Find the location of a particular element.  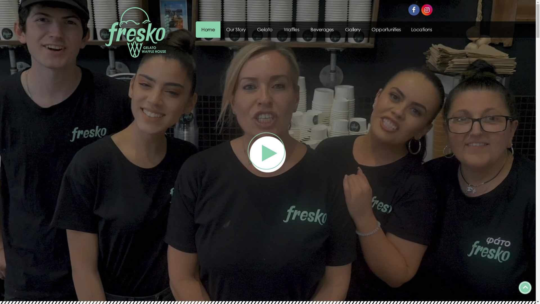

'Gelato' is located at coordinates (264, 29).